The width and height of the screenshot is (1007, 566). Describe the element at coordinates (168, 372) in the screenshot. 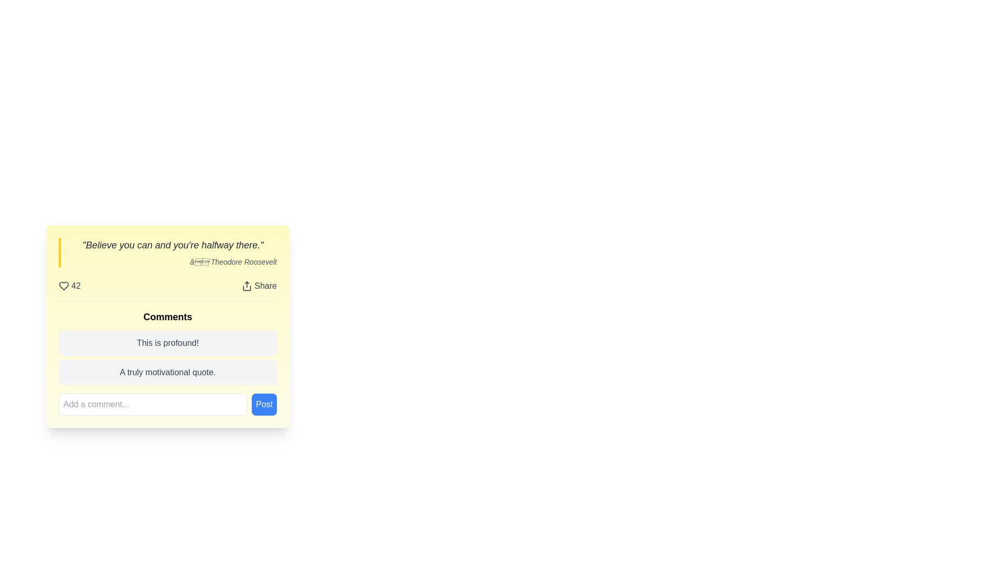

I see `the motivational quote text block located centrally in the comment section, positioned below the text block that says 'This is profound!'` at that location.